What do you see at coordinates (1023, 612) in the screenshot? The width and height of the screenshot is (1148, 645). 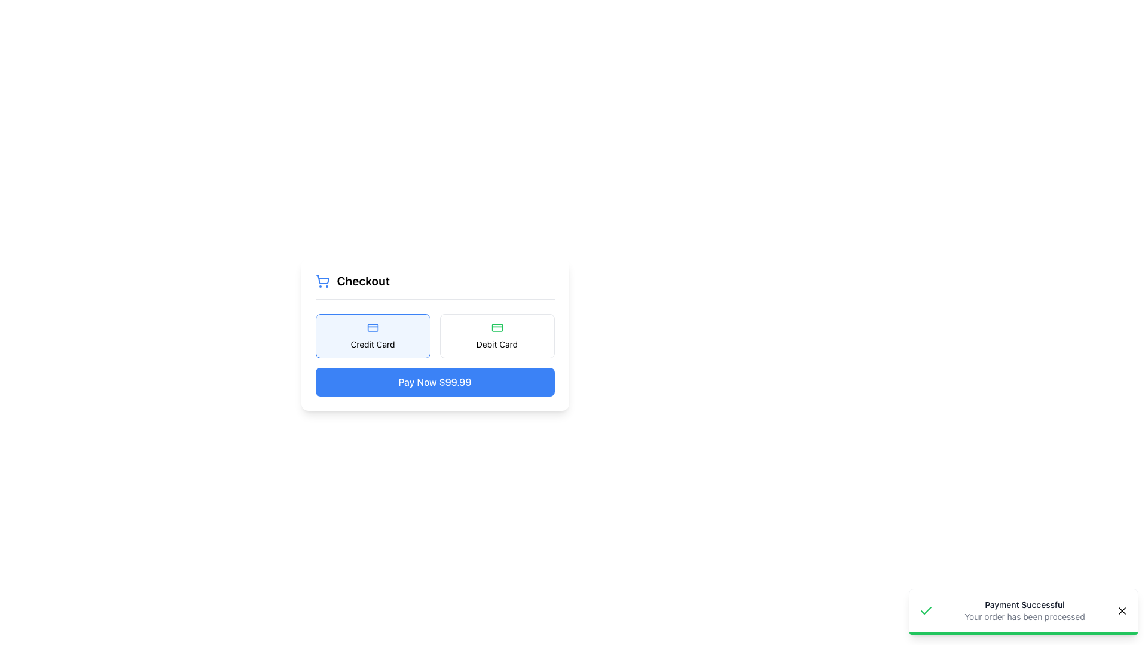 I see `displayed text from the notification box that says 'Payment Successful' and 'Your order has been processed.'` at bounding box center [1023, 612].